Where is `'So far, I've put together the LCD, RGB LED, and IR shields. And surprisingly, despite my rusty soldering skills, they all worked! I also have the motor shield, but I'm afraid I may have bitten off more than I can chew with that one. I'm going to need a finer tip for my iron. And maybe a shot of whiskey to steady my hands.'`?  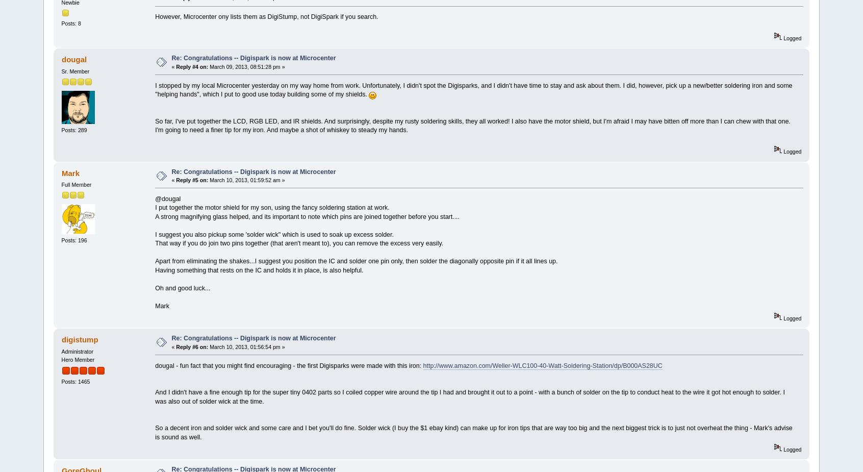
'So far, I've put together the LCD, RGB LED, and IR shields. And surprisingly, despite my rusty soldering skills, they all worked! I also have the motor shield, but I'm afraid I may have bitten off more than I can chew with that one. I'm going to need a finer tip for my iron. And maybe a shot of whiskey to steady my hands.' is located at coordinates (472, 125).